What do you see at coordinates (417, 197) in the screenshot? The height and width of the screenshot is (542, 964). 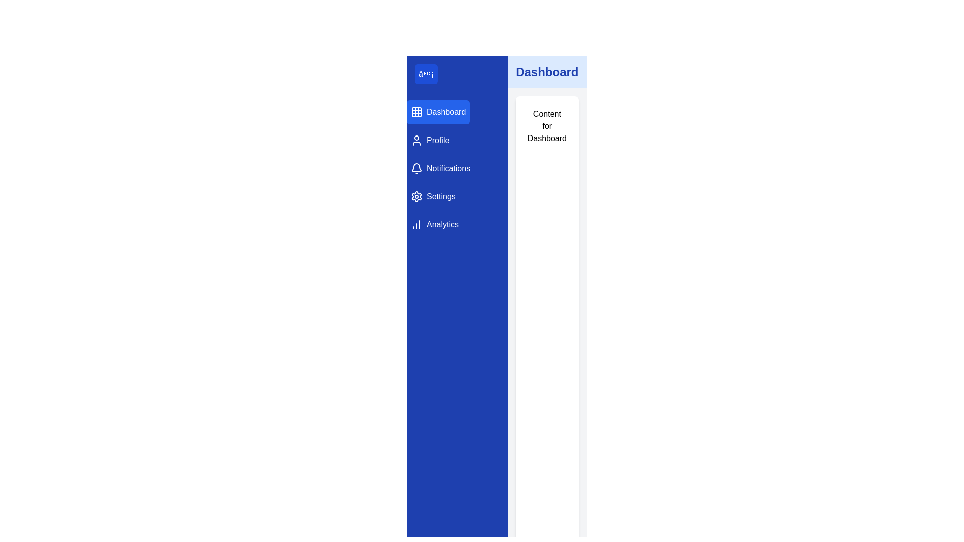 I see `the gear icon representing settings` at bounding box center [417, 197].